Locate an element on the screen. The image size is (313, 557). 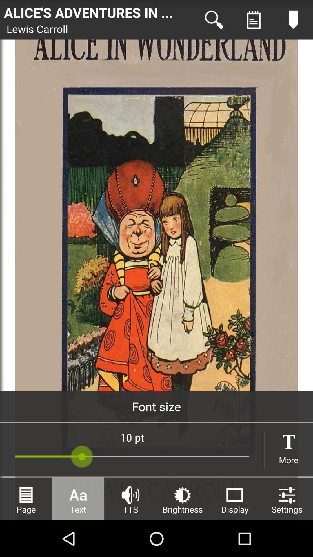
save button is located at coordinates (253, 20).